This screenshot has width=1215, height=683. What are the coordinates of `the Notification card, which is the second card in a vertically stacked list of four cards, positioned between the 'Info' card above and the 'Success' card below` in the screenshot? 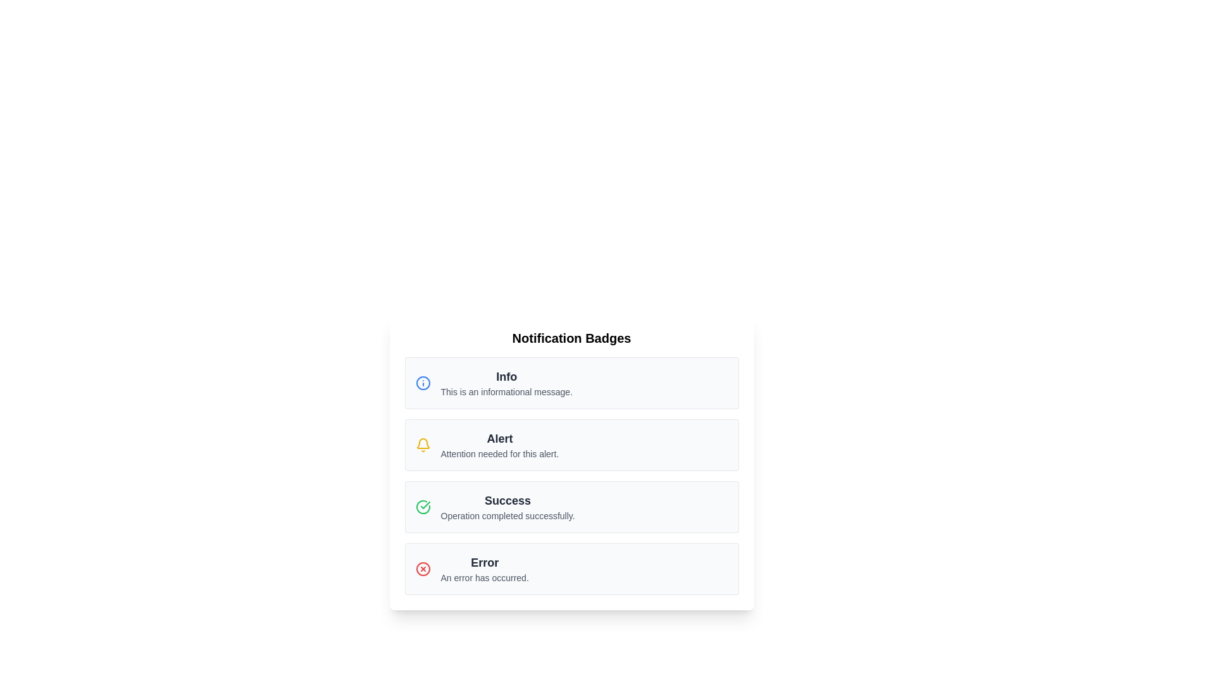 It's located at (571, 462).